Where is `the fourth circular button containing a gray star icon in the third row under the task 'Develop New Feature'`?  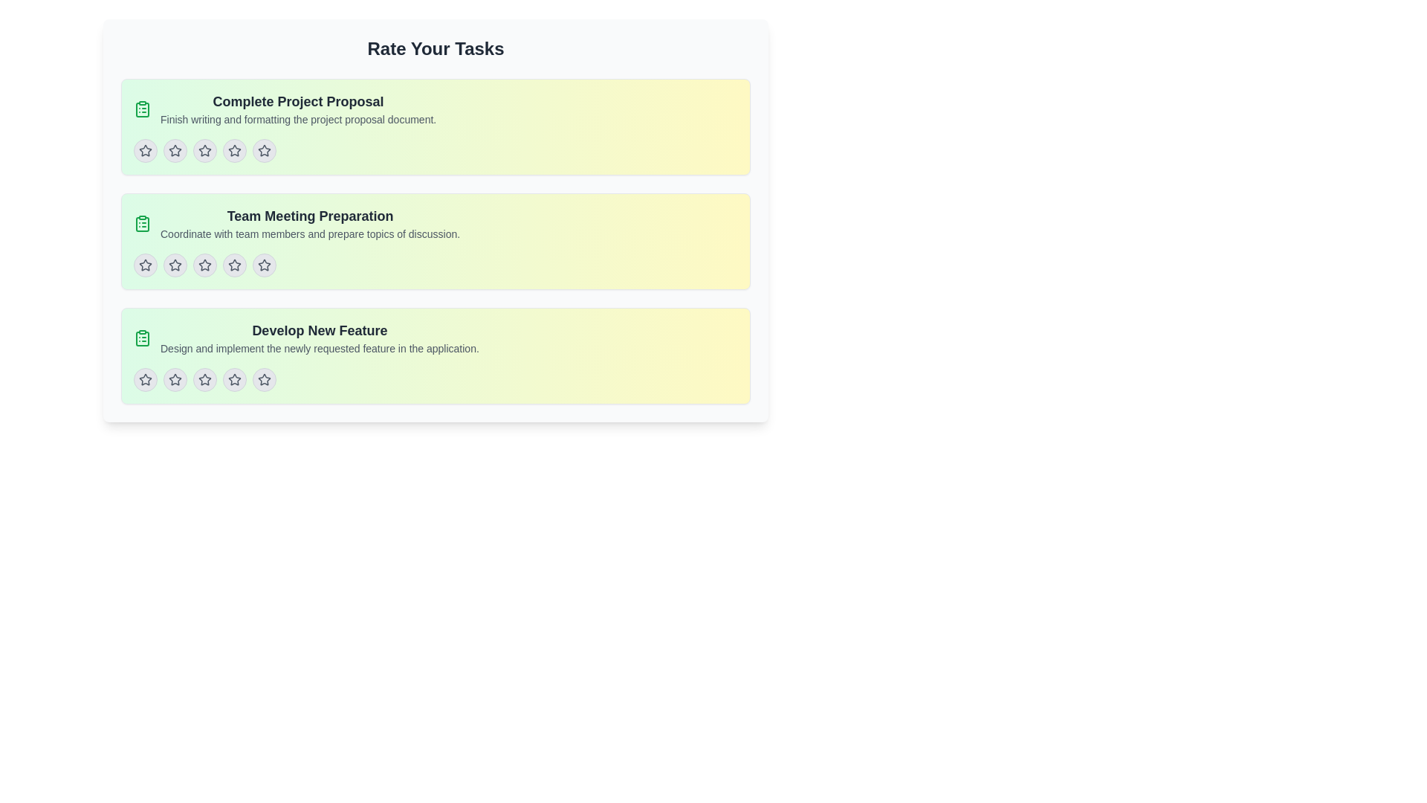
the fourth circular button containing a gray star icon in the third row under the task 'Develop New Feature' is located at coordinates (204, 378).